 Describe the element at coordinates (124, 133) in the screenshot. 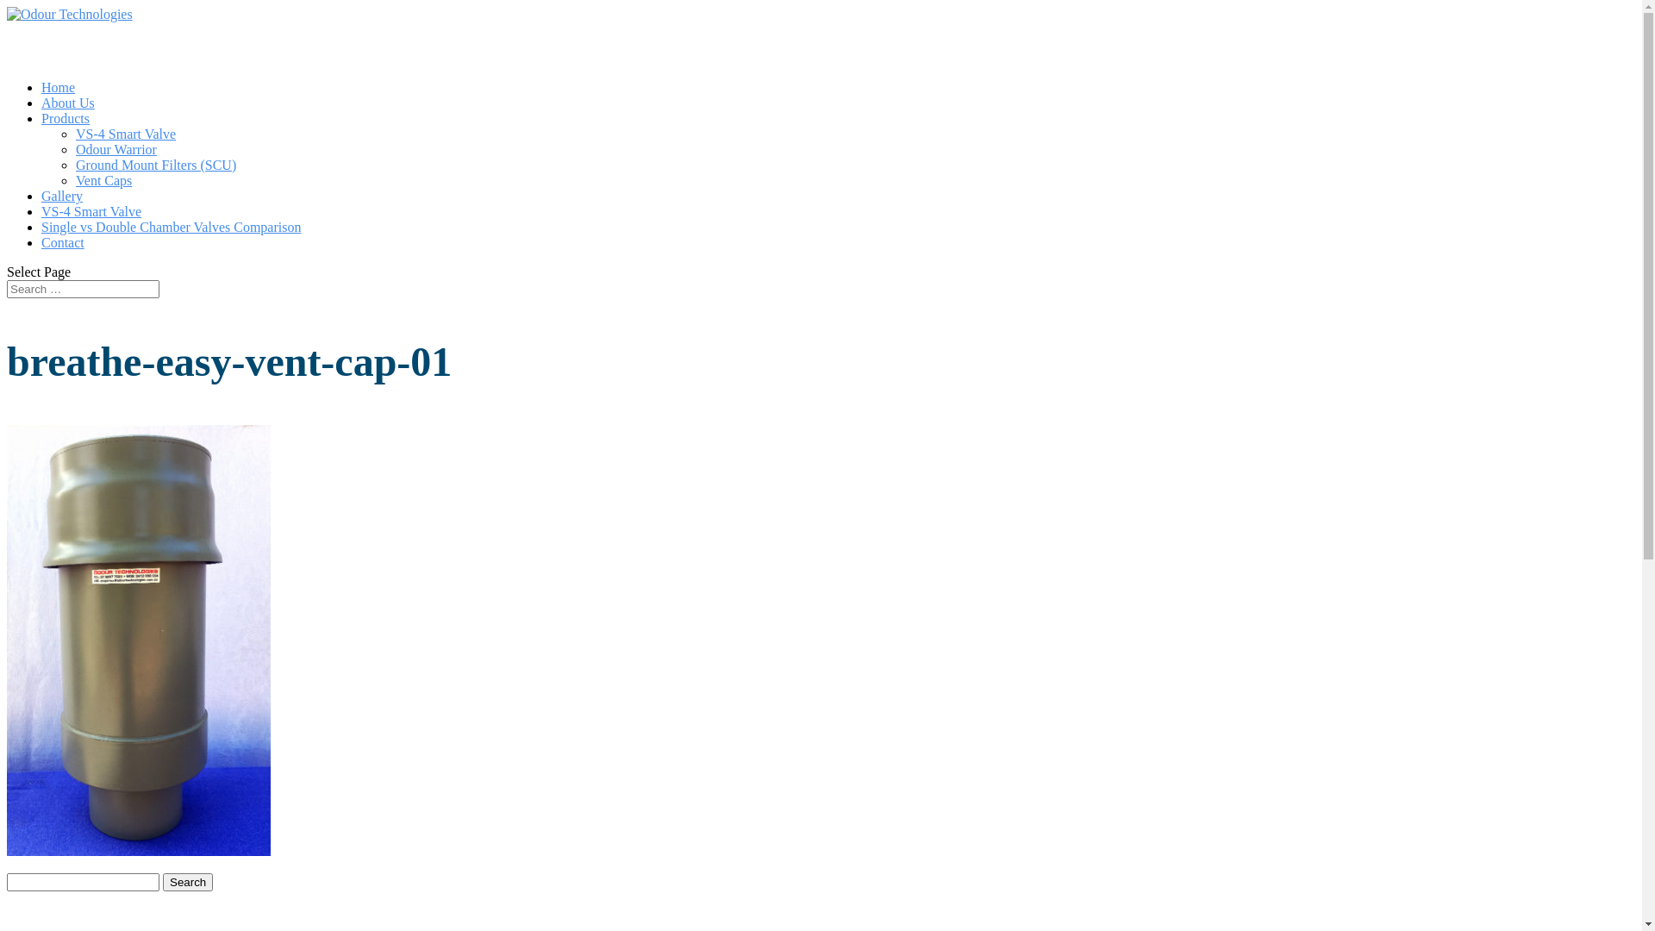

I see `'VS-4 Smart Valve'` at that location.